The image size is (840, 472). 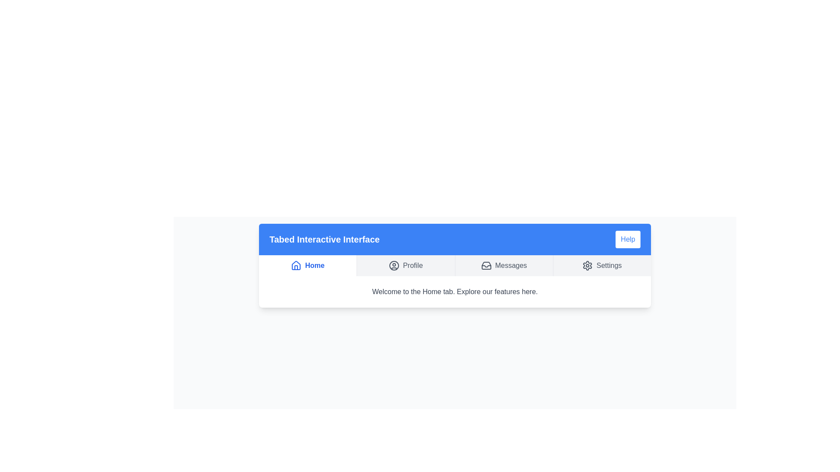 What do you see at coordinates (504, 265) in the screenshot?
I see `the 'Messages' tab button` at bounding box center [504, 265].